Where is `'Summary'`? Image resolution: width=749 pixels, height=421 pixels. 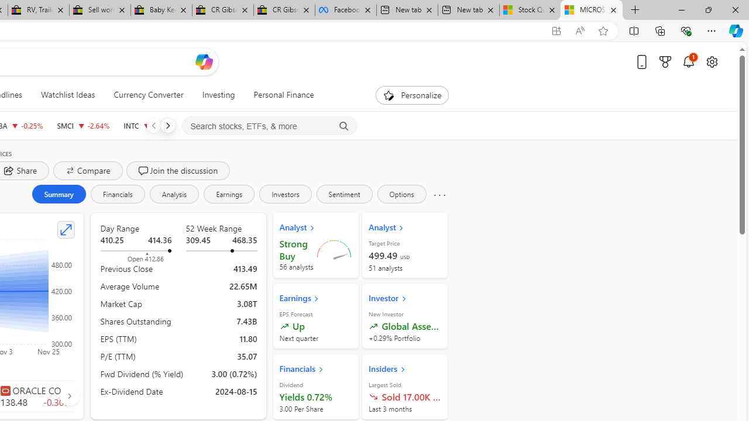
'Summary' is located at coordinates (58, 193).